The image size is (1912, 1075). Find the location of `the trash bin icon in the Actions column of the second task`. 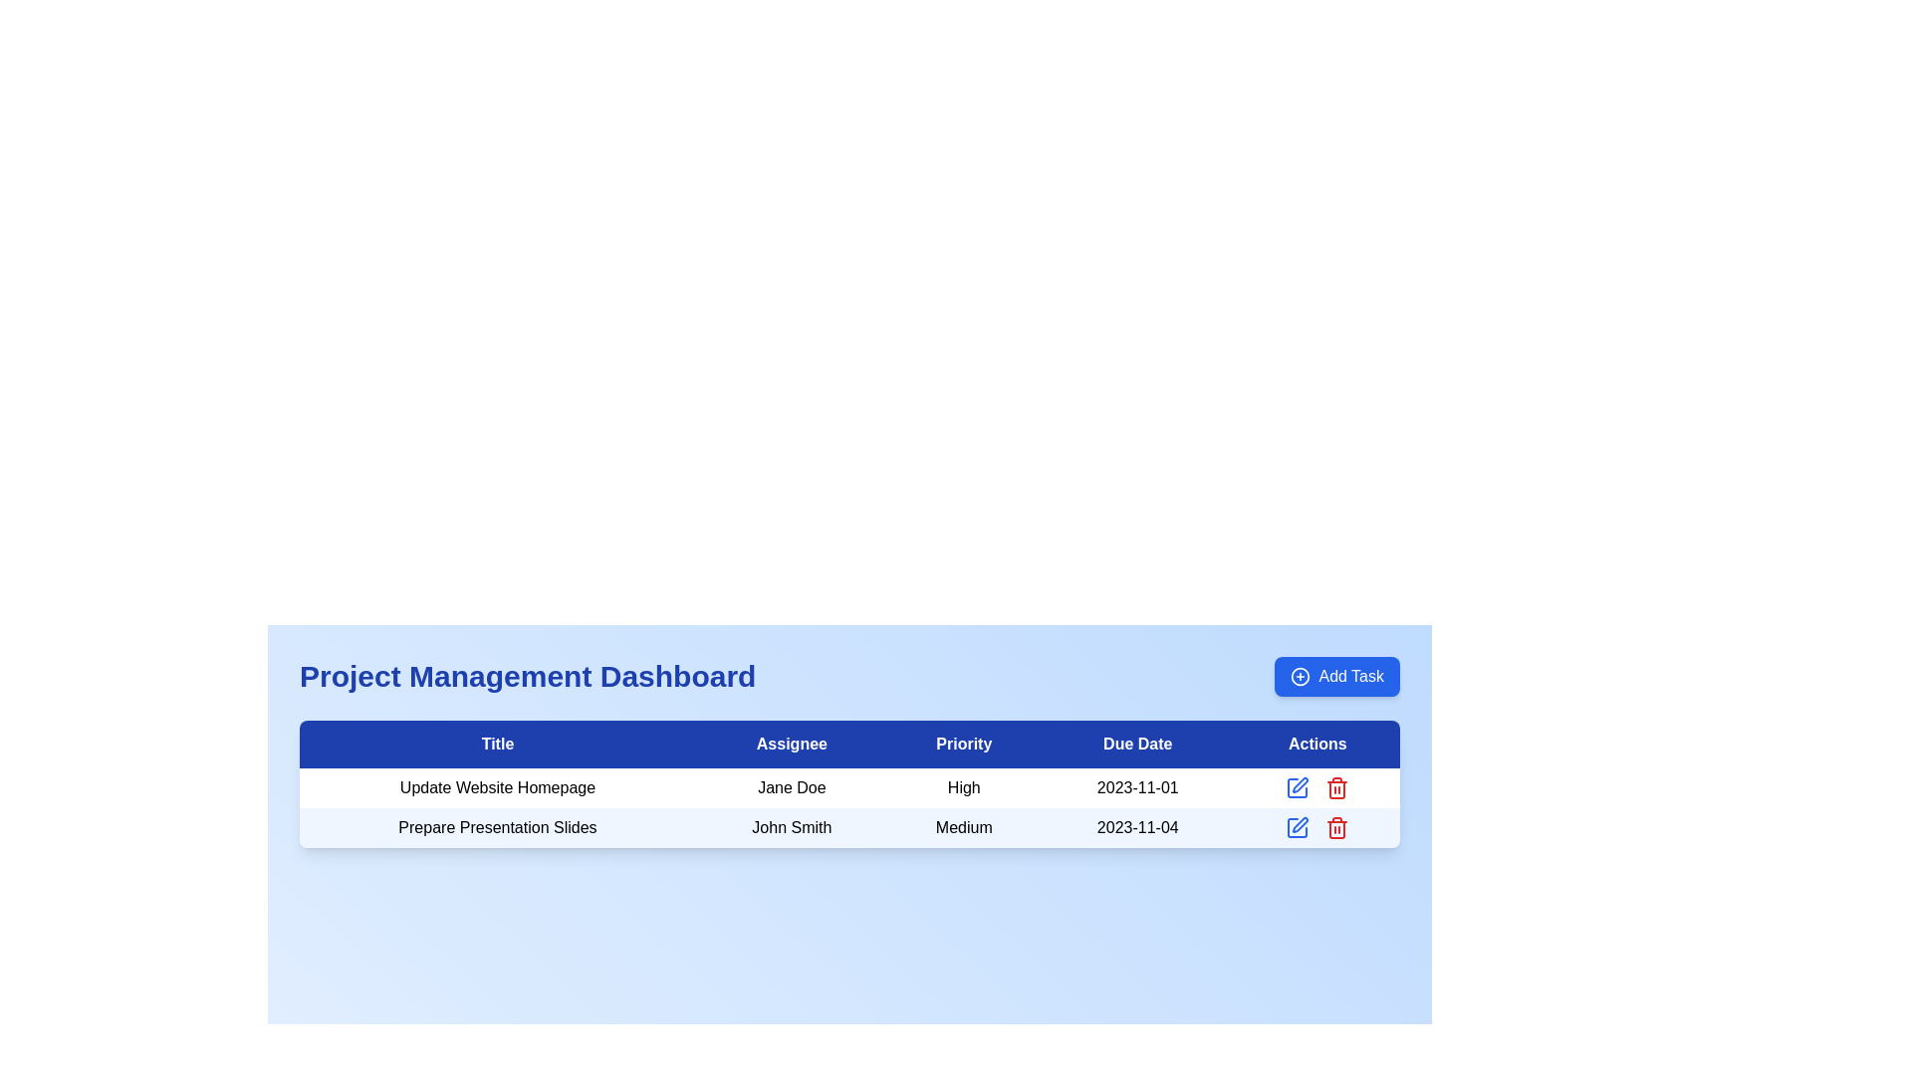

the trash bin icon in the Actions column of the second task is located at coordinates (1337, 786).